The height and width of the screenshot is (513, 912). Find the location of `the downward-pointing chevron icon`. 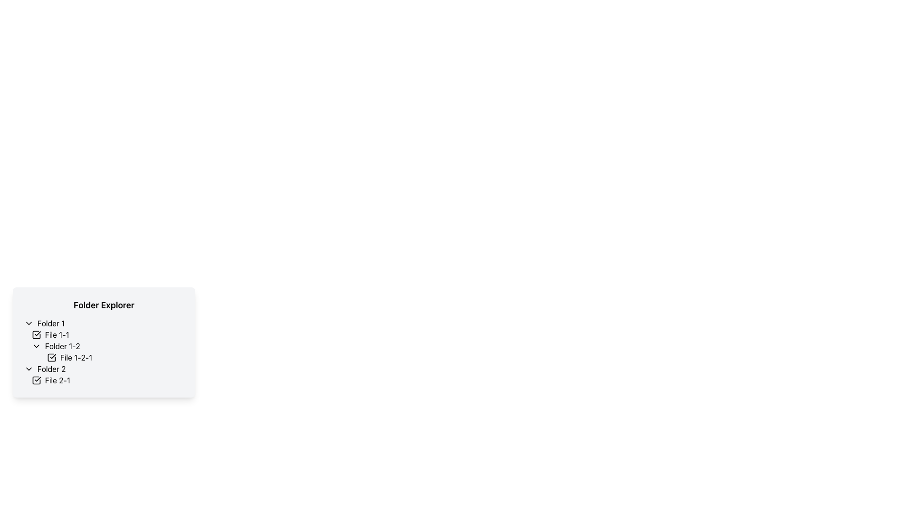

the downward-pointing chevron icon is located at coordinates (29, 323).